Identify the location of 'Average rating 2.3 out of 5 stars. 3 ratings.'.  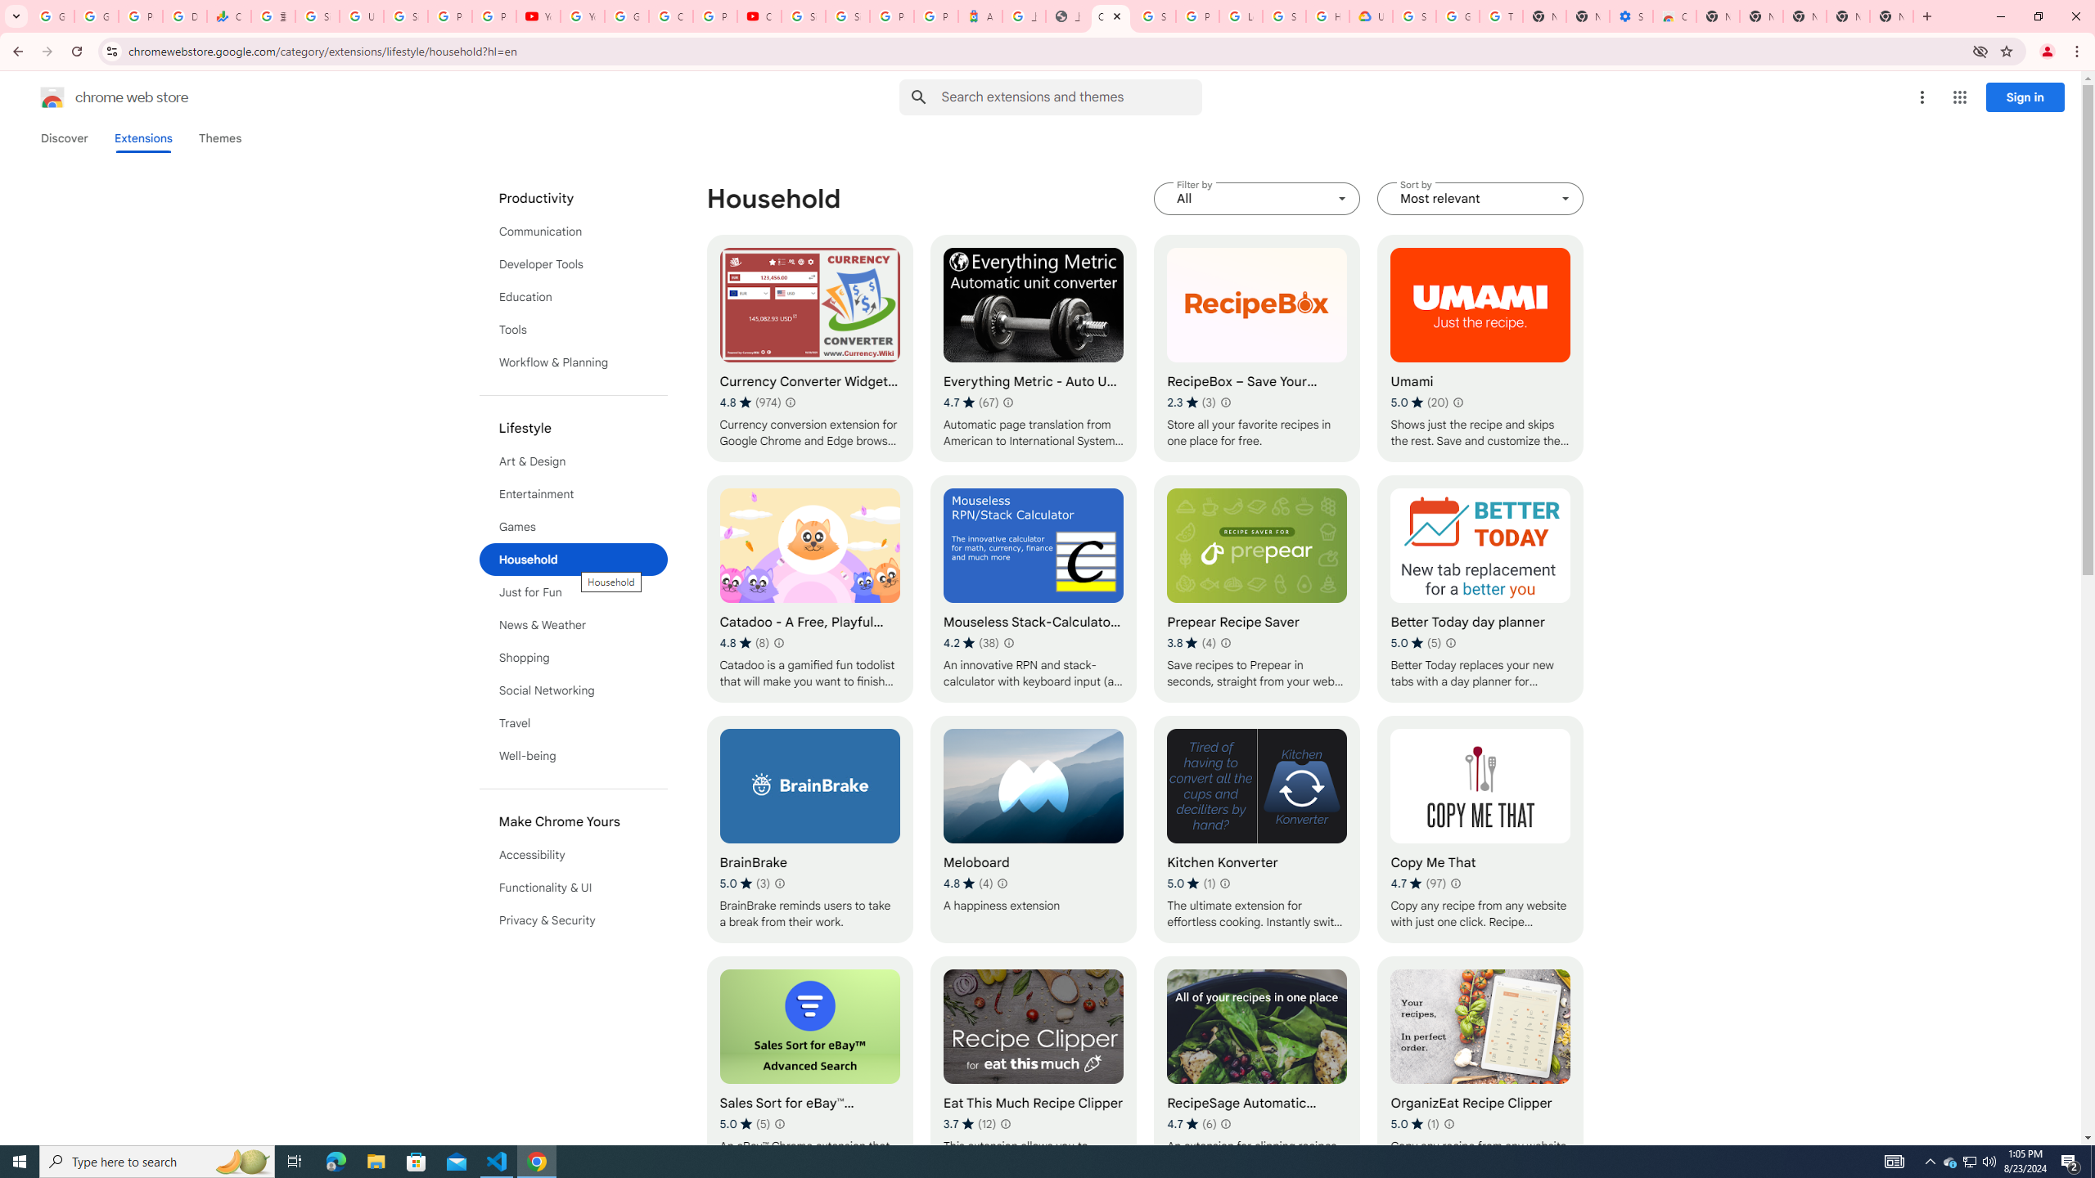
(1191, 402).